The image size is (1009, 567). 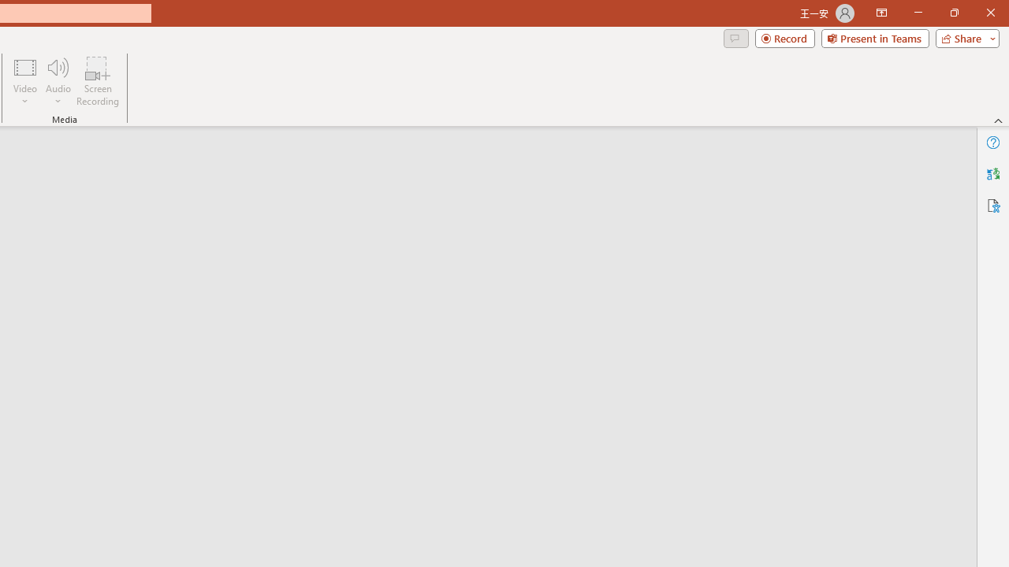 I want to click on 'Audio', so click(x=58, y=81).